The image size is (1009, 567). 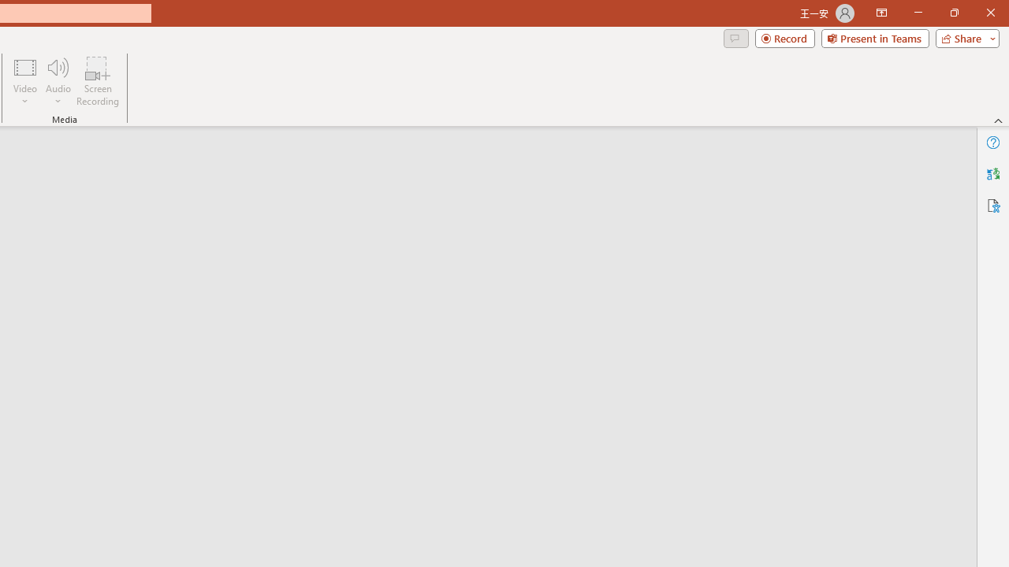 I want to click on 'Audio', so click(x=58, y=81).